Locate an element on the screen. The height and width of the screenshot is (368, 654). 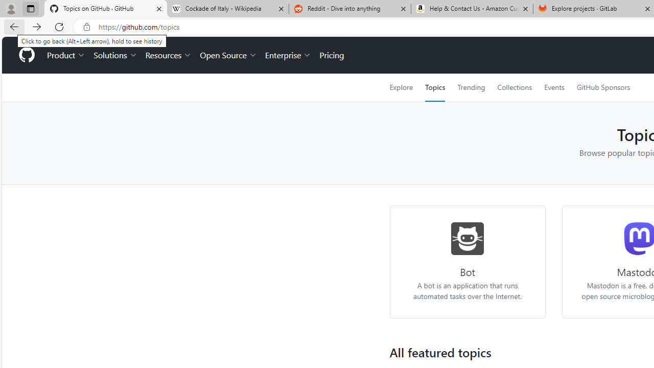
'Pricing' is located at coordinates (332, 55).